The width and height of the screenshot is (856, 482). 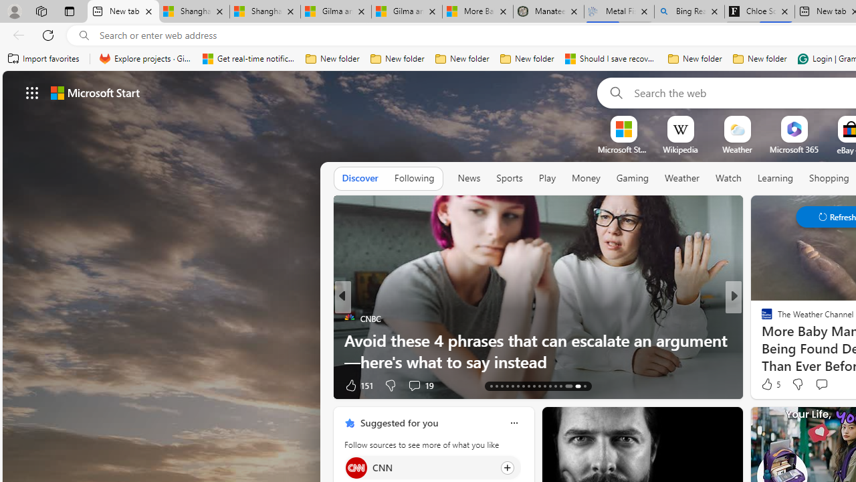 I want to click on 'Microsoft 365', so click(x=794, y=149).